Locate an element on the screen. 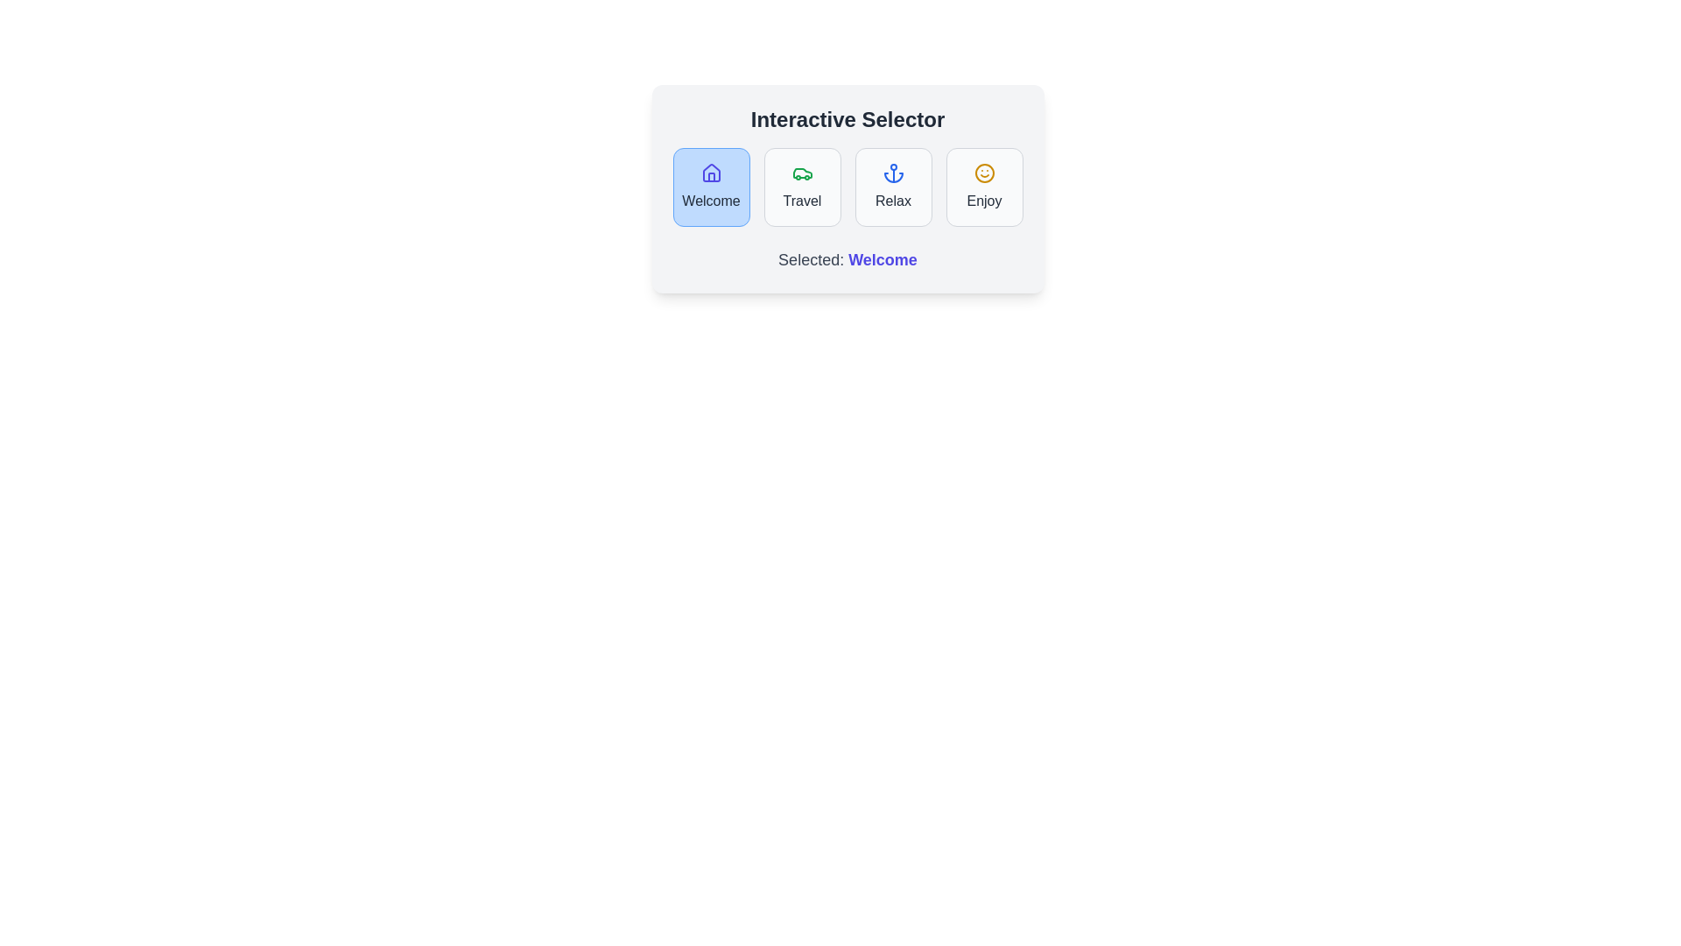  the text label 'Enjoy' which is styled in a medium-sized gray font located in the fourth UI card on the right side of the selection panel is located at coordinates (984, 201).